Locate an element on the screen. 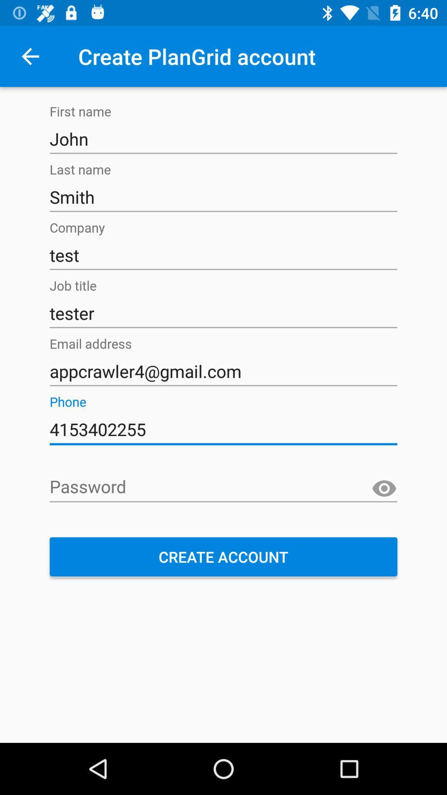  the appcrawler4@gmail.com item is located at coordinates (223, 371).